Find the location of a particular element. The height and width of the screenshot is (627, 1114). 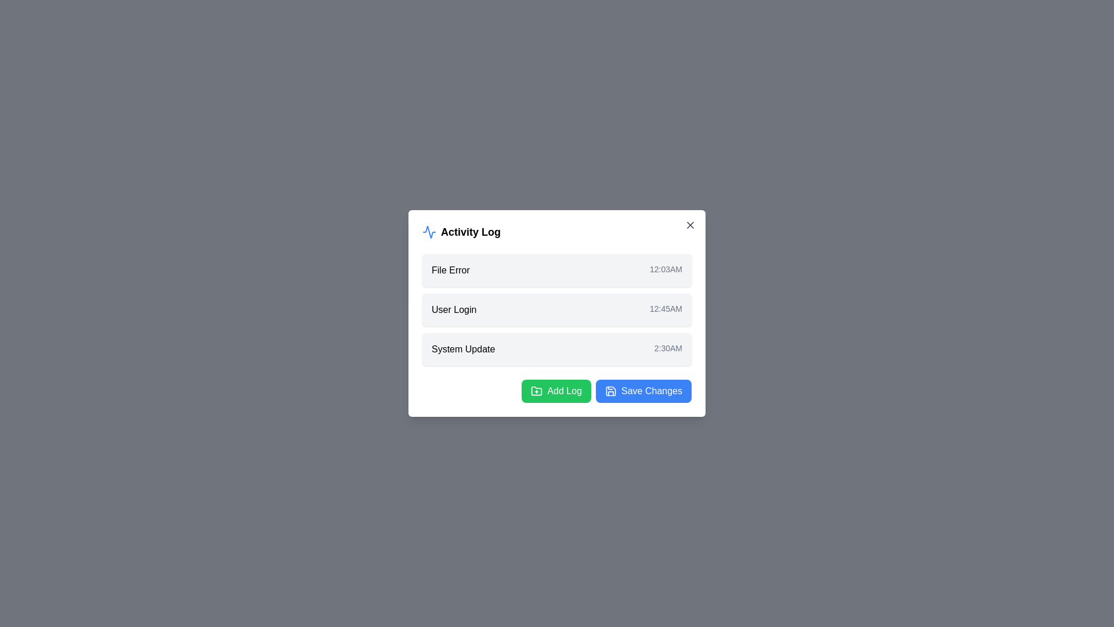

the 'Add Log' button is located at coordinates (556, 391).